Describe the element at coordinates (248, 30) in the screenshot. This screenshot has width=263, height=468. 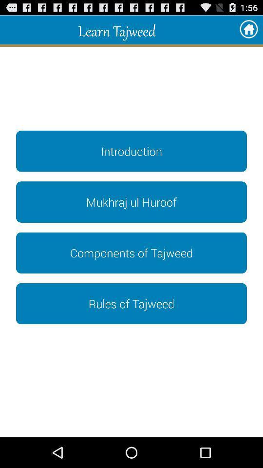
I see `item to the right of learn tajweed icon` at that location.